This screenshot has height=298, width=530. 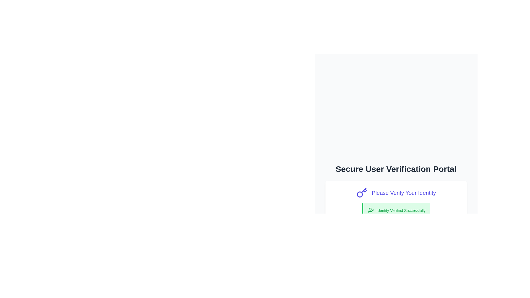 What do you see at coordinates (396, 211) in the screenshot?
I see `the Banner notification with a green background, rounded edges, and a bold left border, located centrally below the 'Please Verify Your Identity' text` at bounding box center [396, 211].